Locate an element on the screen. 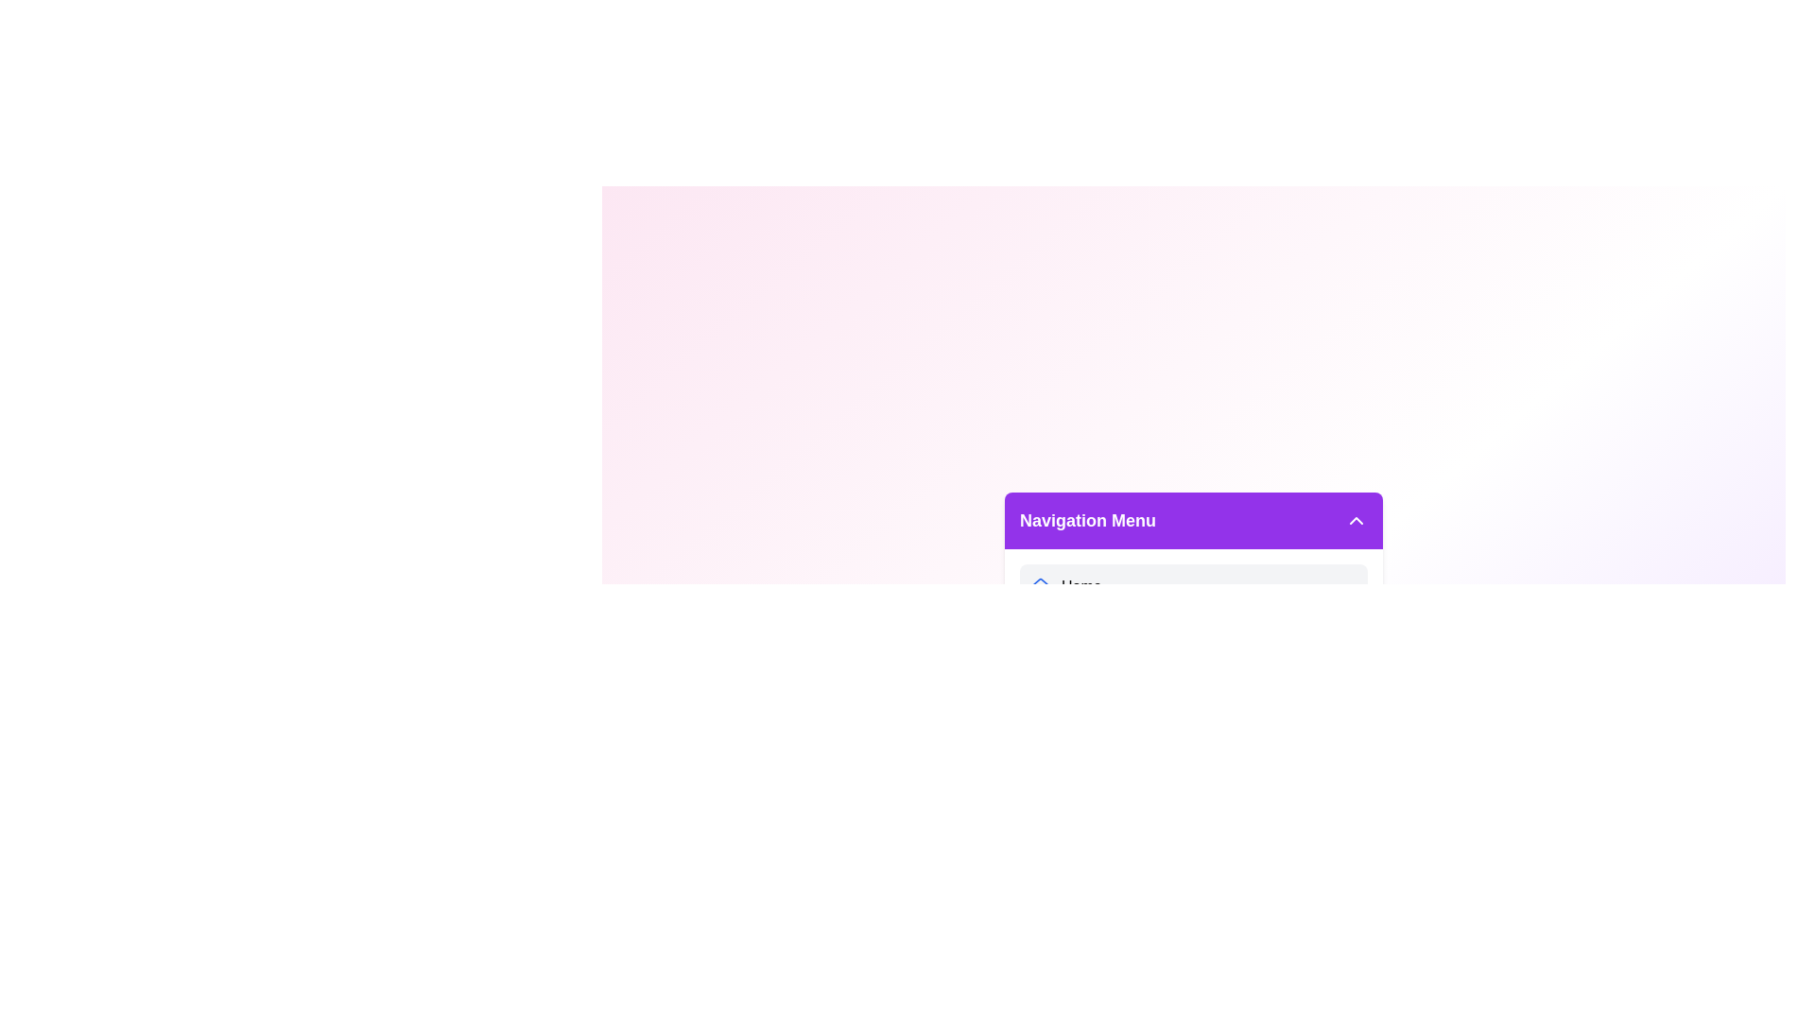 The image size is (1815, 1021). the text label that serves as the title for the navigational menu section, located within a header bar with a purple background and rounded corners, positioned to the left of a downward-facing chevron icon is located at coordinates (1088, 521).